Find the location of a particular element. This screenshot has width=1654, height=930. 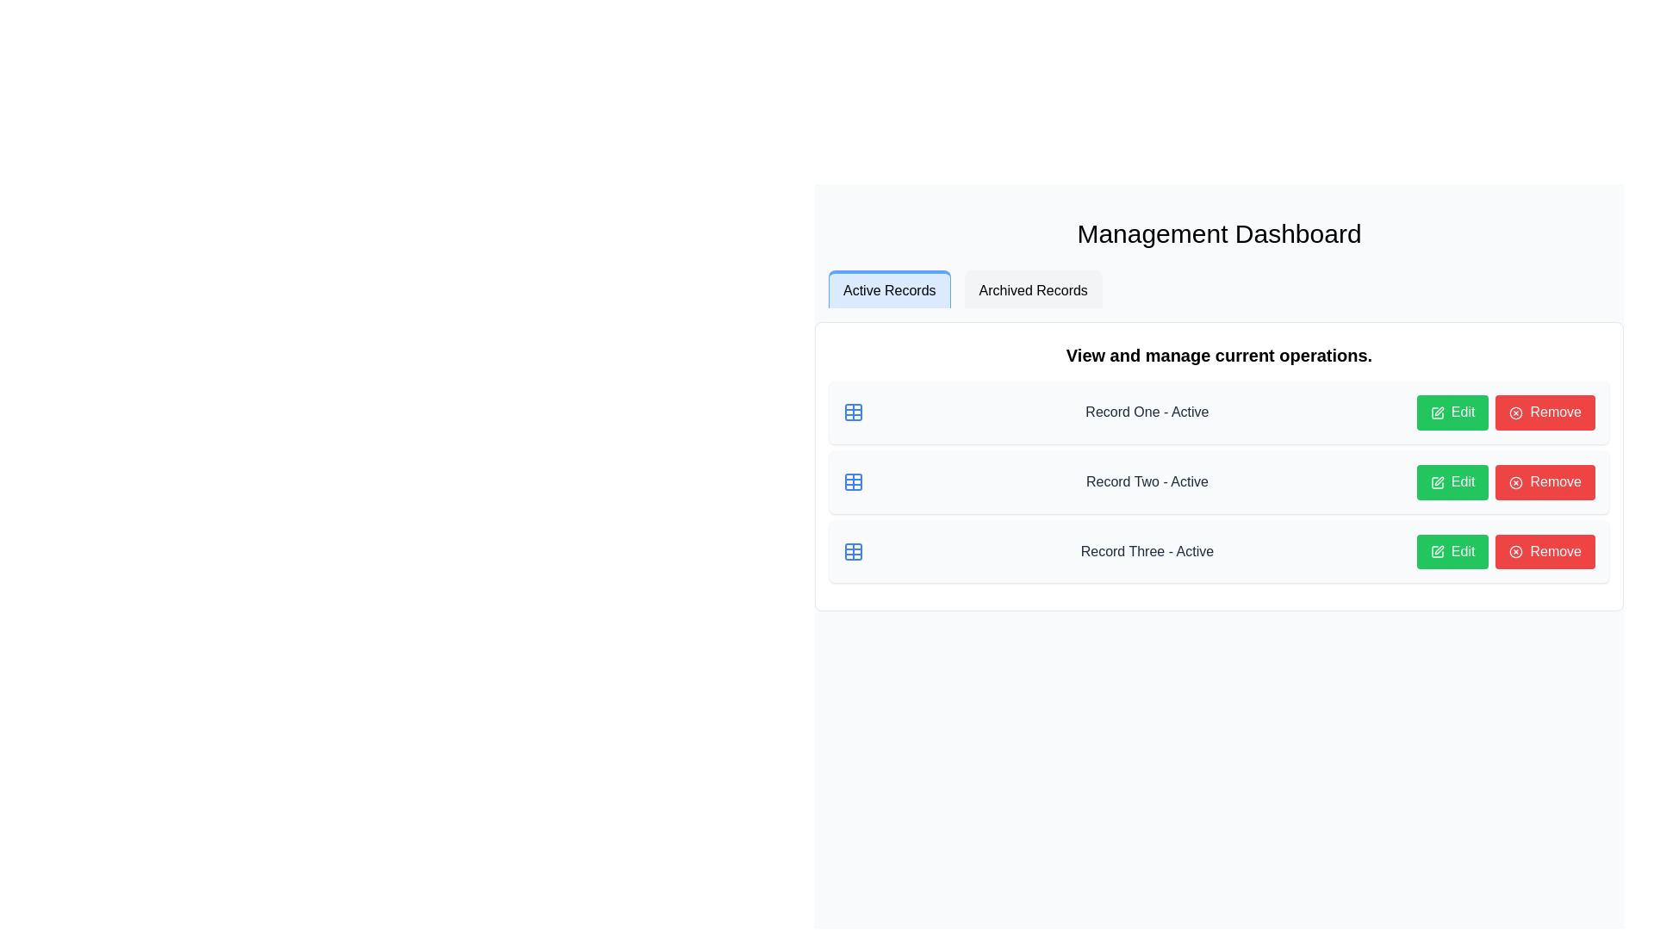

text label displaying 'Management Dashboard' located at the top of the dashboard interface is located at coordinates (1218, 234).